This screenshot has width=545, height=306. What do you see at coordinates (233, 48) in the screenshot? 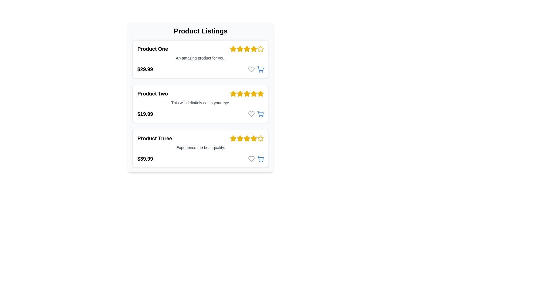
I see `the first star icon in the rating UI for 'Product One'` at bounding box center [233, 48].